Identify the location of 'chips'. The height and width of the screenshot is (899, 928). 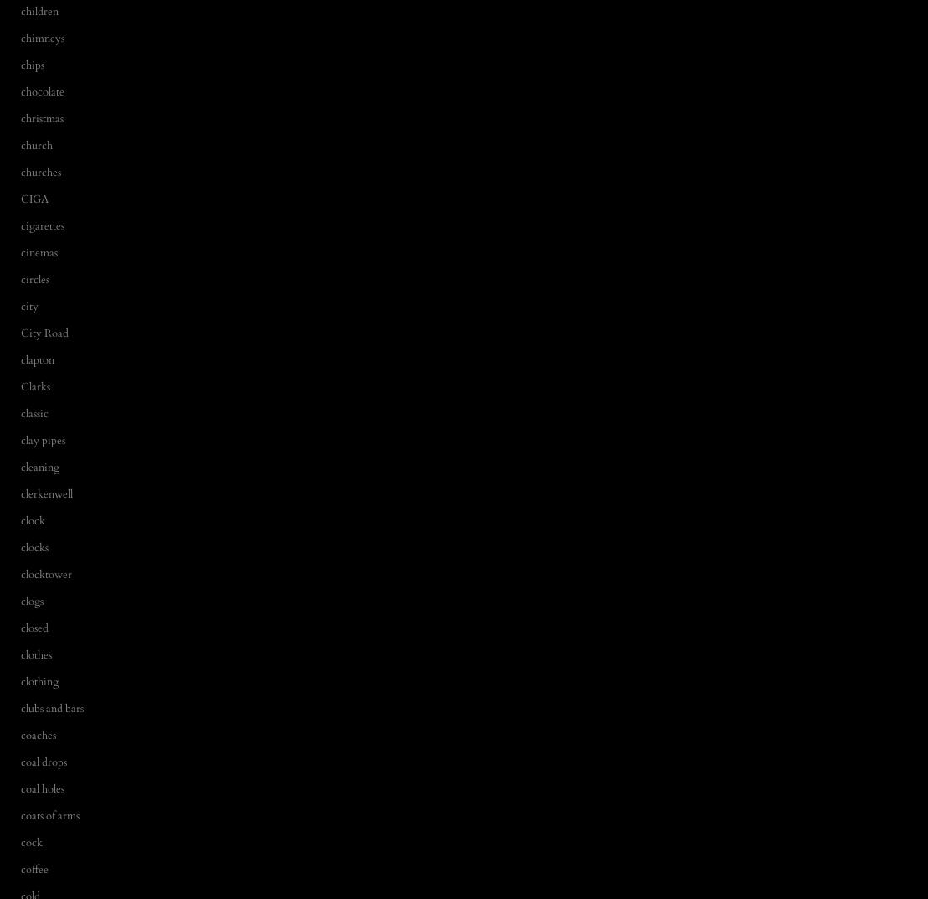
(21, 65).